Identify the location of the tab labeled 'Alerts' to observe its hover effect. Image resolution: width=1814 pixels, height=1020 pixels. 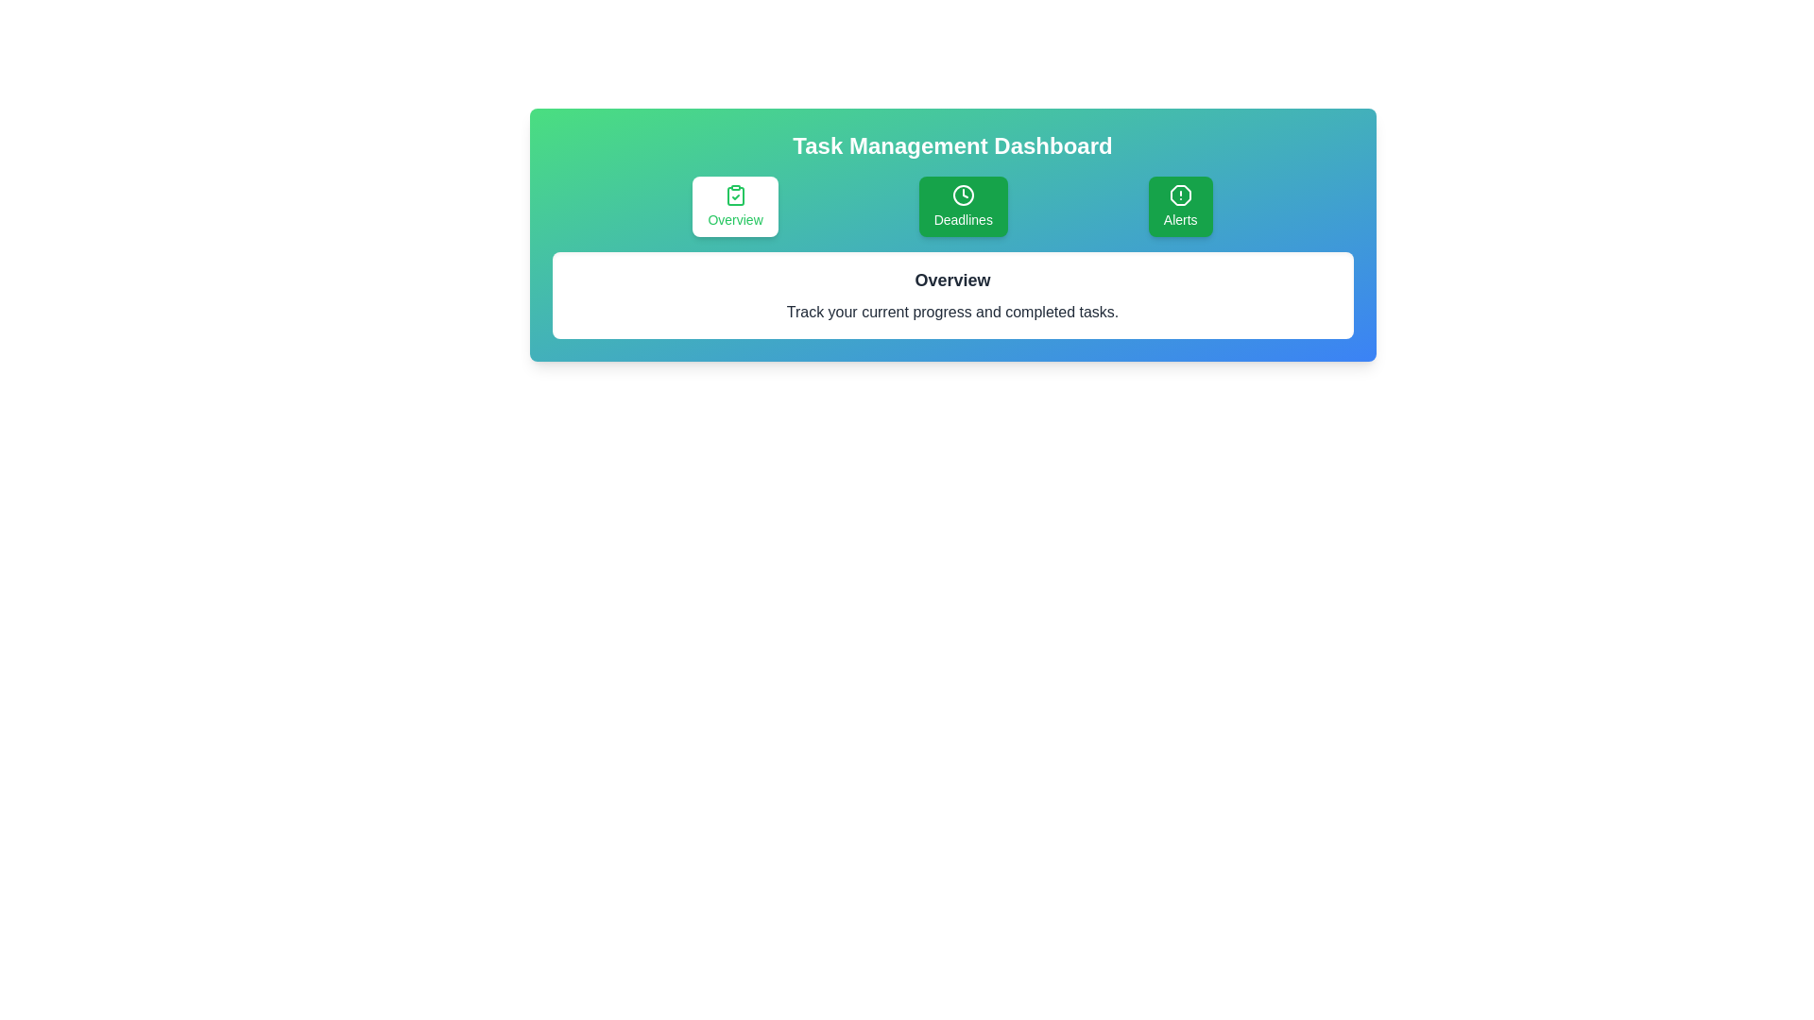
(1179, 207).